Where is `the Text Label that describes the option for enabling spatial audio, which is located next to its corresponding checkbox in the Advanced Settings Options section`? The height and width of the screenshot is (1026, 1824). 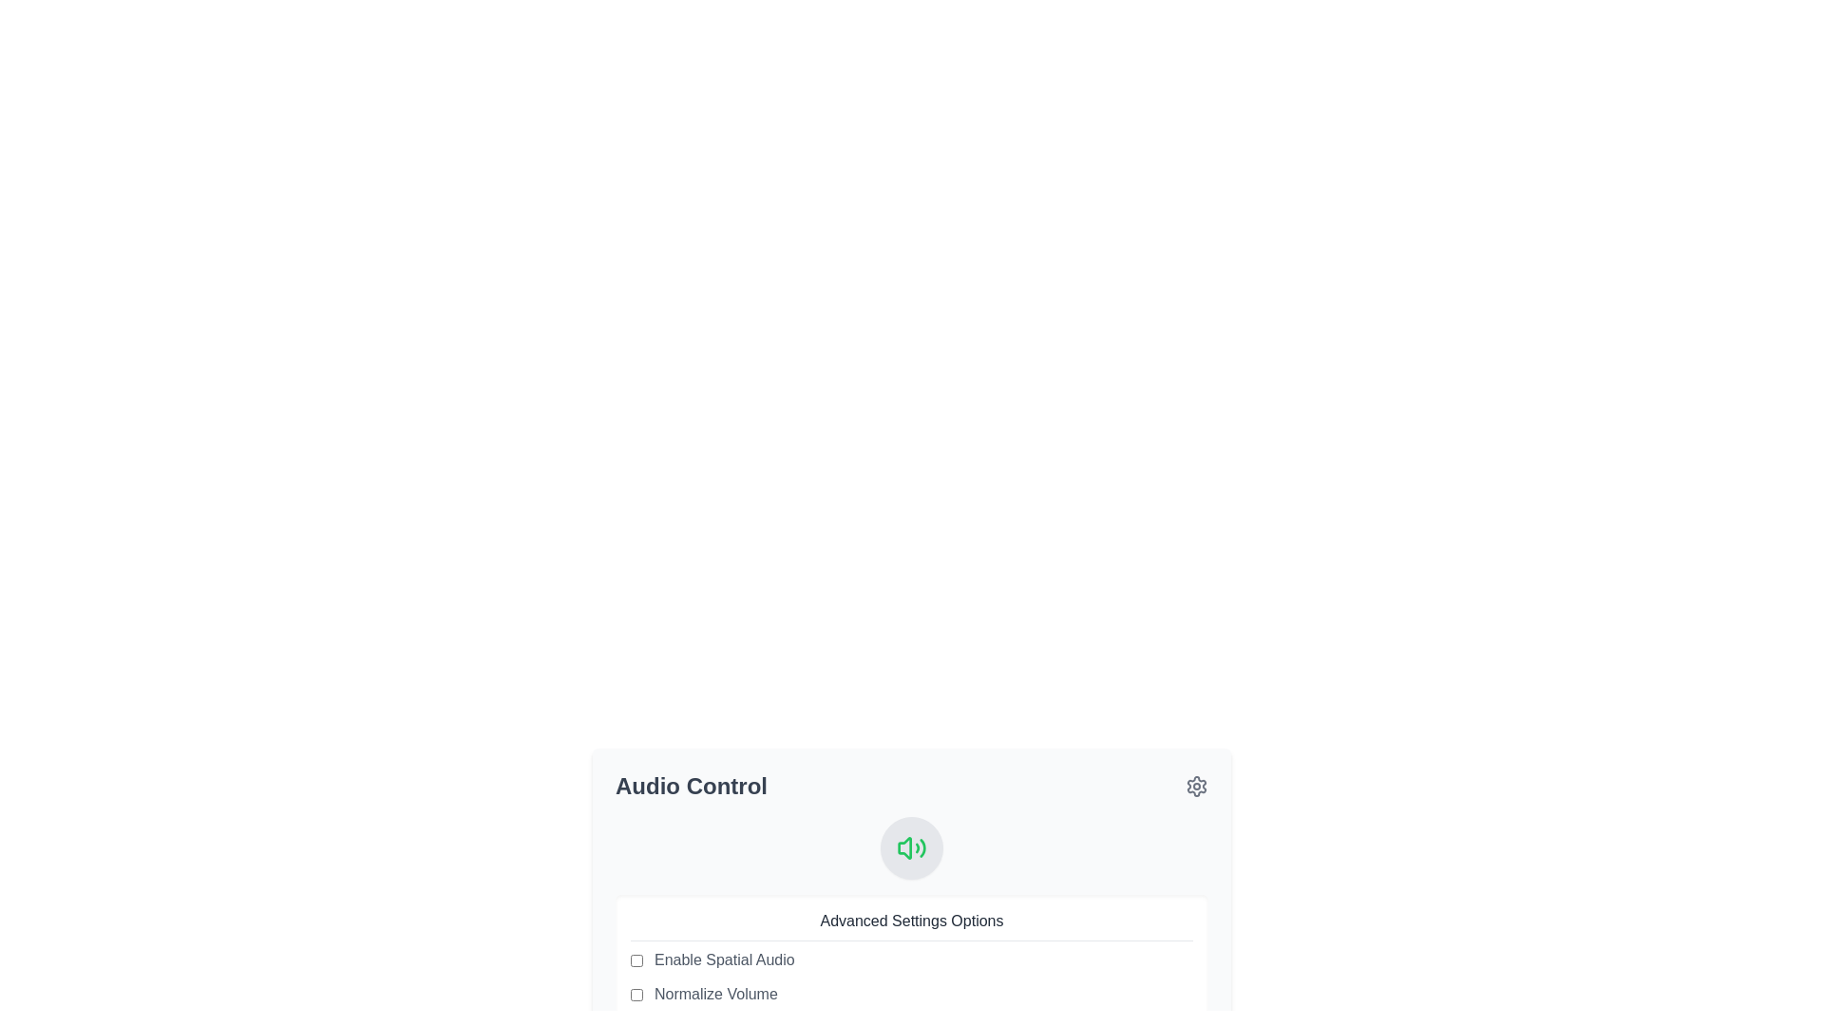
the Text Label that describes the option for enabling spatial audio, which is located next to its corresponding checkbox in the Advanced Settings Options section is located at coordinates (723, 959).